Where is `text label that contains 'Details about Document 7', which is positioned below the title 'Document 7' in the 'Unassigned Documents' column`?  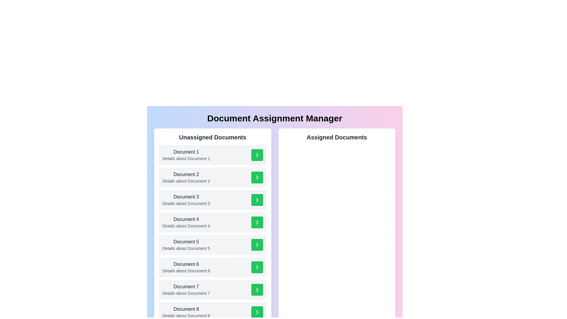
text label that contains 'Details about Document 7', which is positioned below the title 'Document 7' in the 'Unassigned Documents' column is located at coordinates (186, 293).